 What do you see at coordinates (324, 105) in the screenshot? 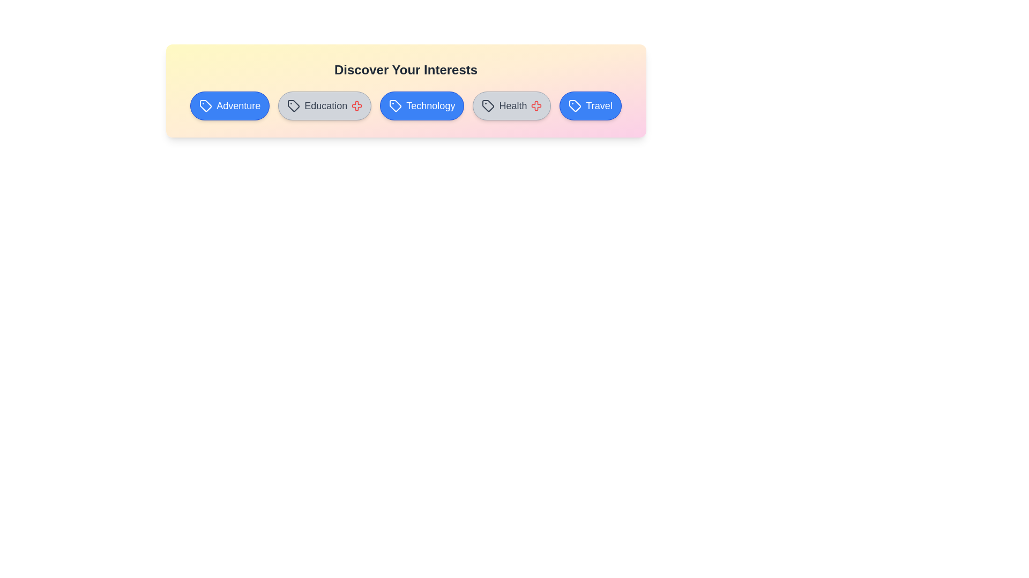
I see `the tag labeled Education to observe the hover effect` at bounding box center [324, 105].